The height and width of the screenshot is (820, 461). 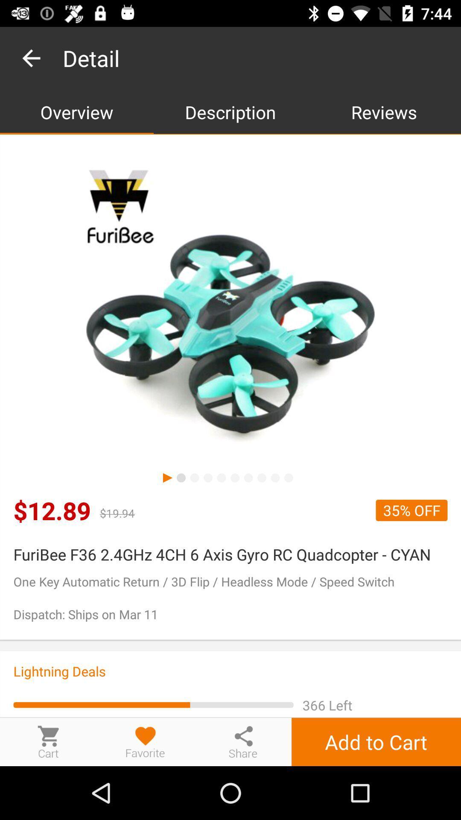 What do you see at coordinates (145, 741) in the screenshot?
I see `option` at bounding box center [145, 741].